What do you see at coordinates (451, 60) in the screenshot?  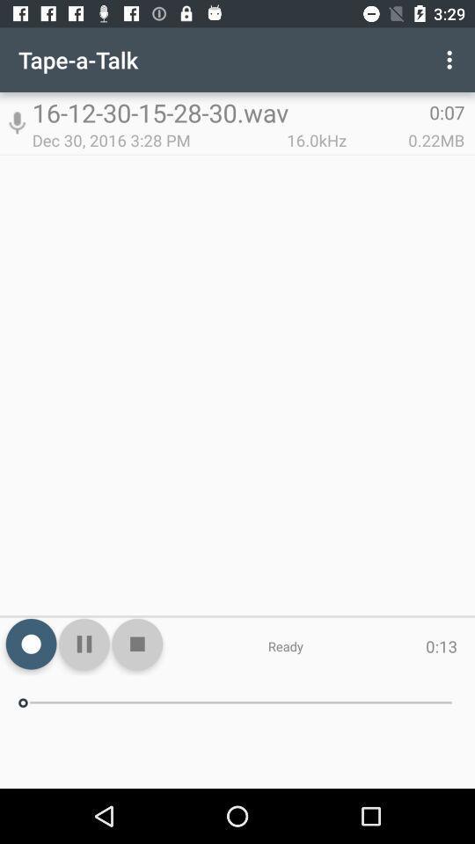 I see `the item to the right of 16 12 30 item` at bounding box center [451, 60].